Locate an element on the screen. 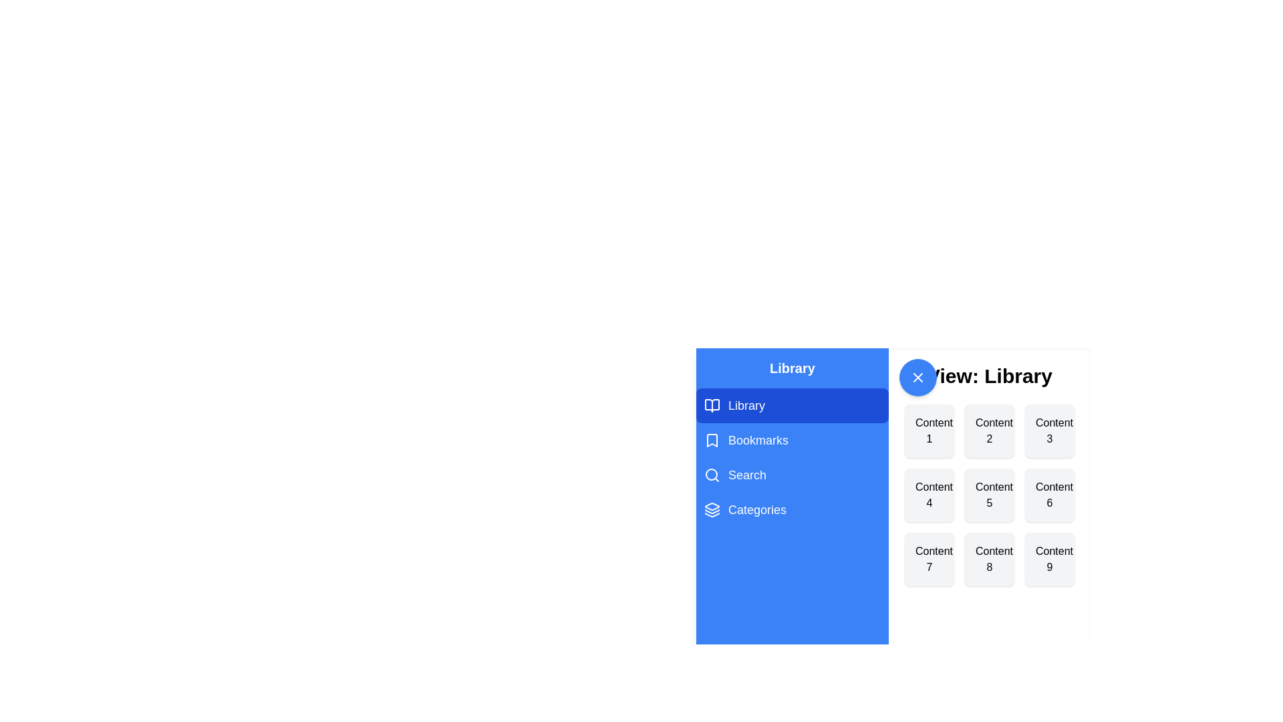 The height and width of the screenshot is (722, 1283). the section Search from the sidebar menu is located at coordinates (792, 474).